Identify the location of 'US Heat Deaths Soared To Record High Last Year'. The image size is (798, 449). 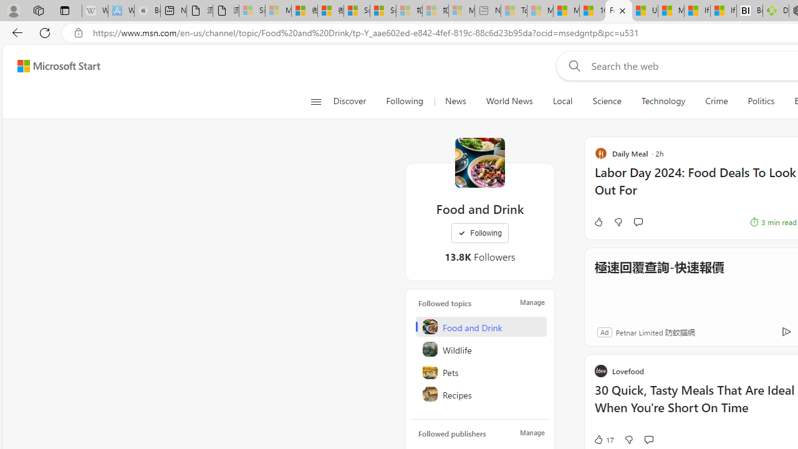
(645, 11).